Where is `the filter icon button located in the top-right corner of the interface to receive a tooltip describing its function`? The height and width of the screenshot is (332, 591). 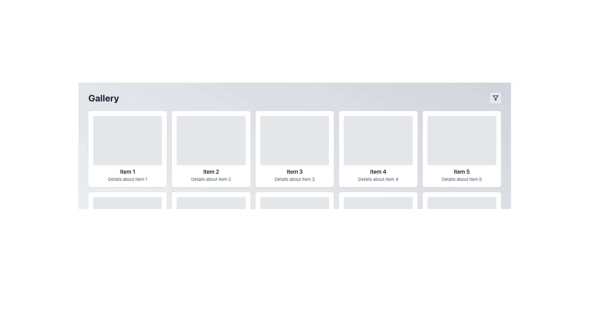
the filter icon button located in the top-right corner of the interface to receive a tooltip describing its function is located at coordinates (495, 98).